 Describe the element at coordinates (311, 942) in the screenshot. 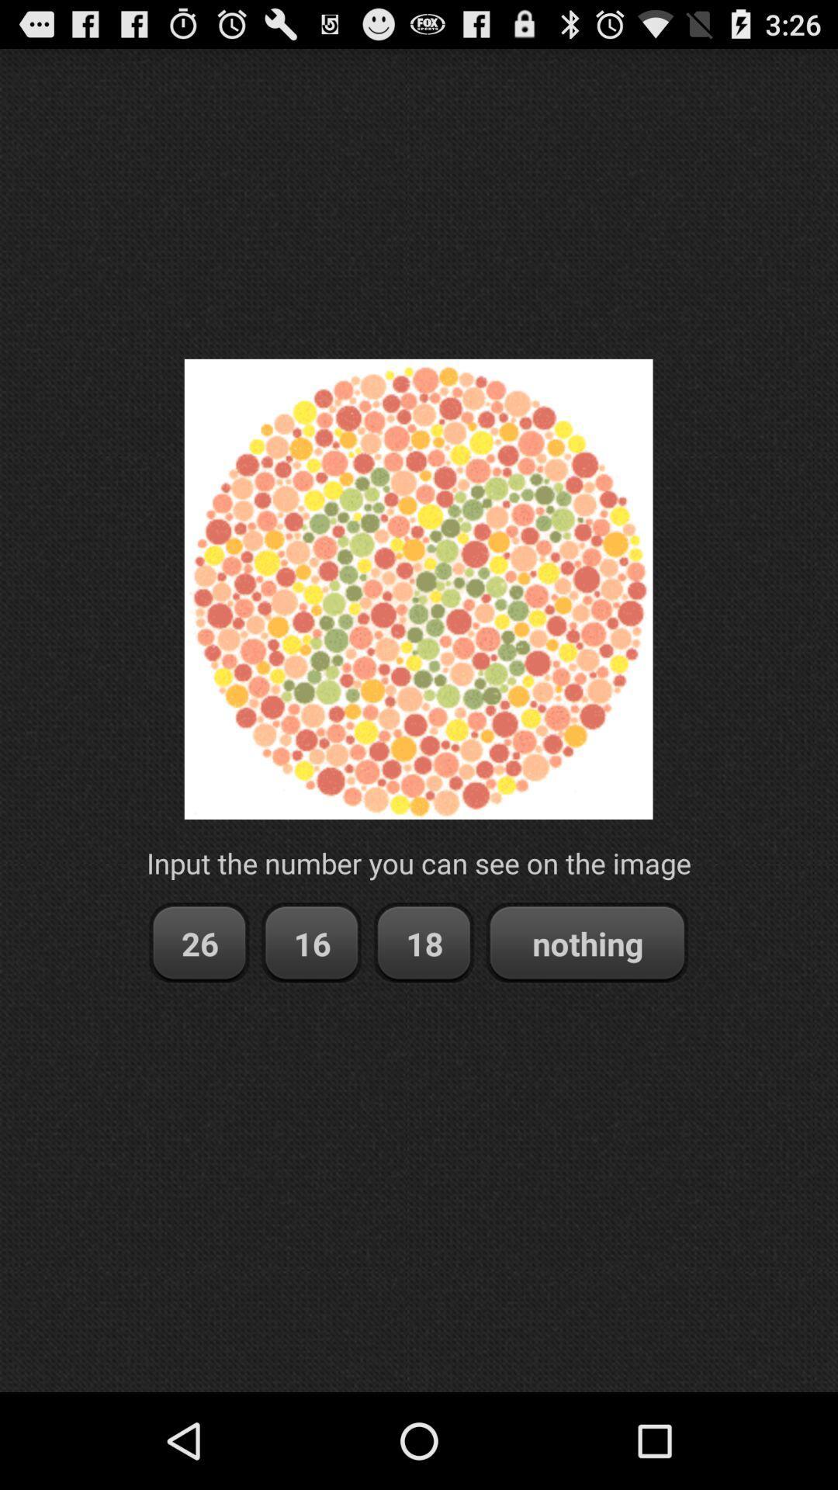

I see `the item next to the 26 icon` at that location.